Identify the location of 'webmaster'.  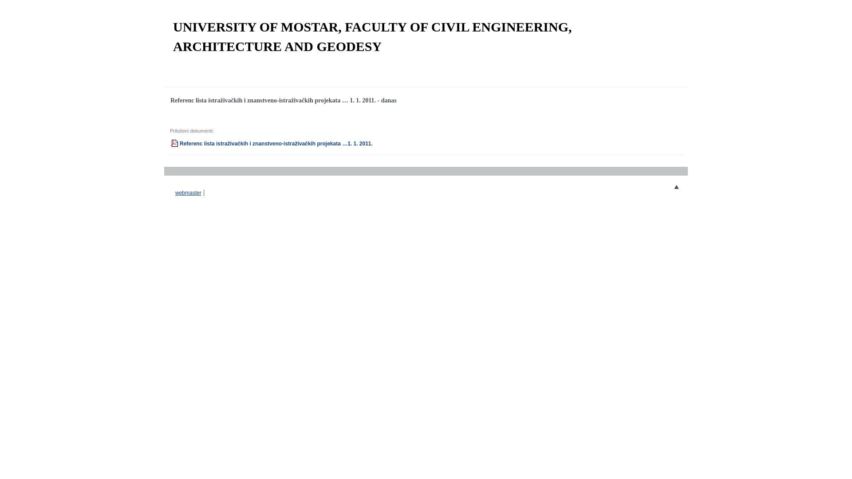
(175, 192).